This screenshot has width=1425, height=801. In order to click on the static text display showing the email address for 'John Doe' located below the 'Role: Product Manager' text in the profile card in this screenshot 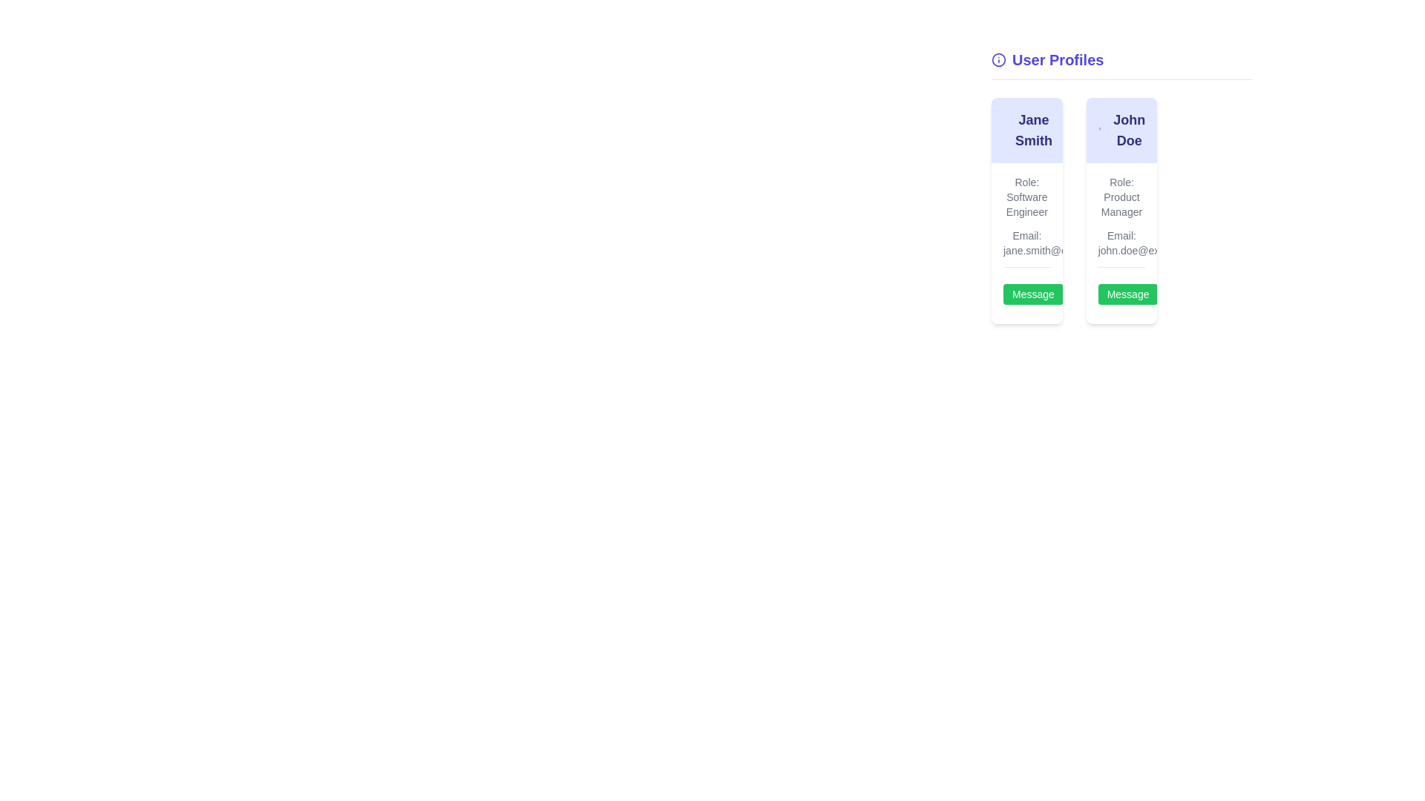, I will do `click(1121, 242)`.